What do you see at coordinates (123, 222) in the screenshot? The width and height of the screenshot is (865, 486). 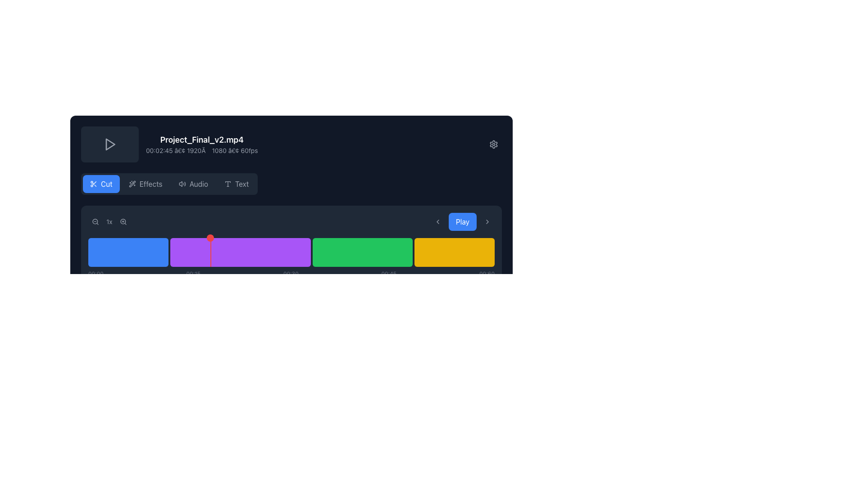 I see `the magnifying glass icon with a plus sign` at bounding box center [123, 222].